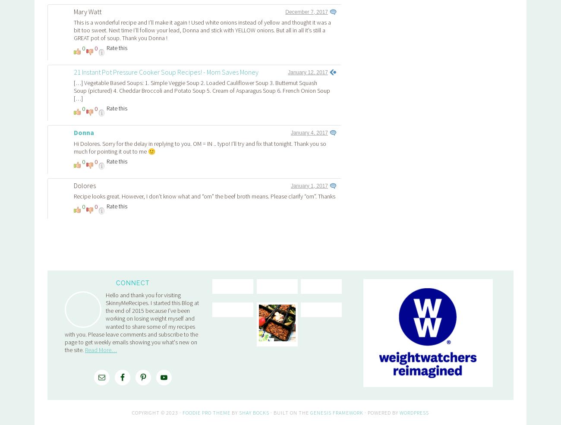 The width and height of the screenshot is (561, 425). I want to click on '· Built on the', so click(289, 291).